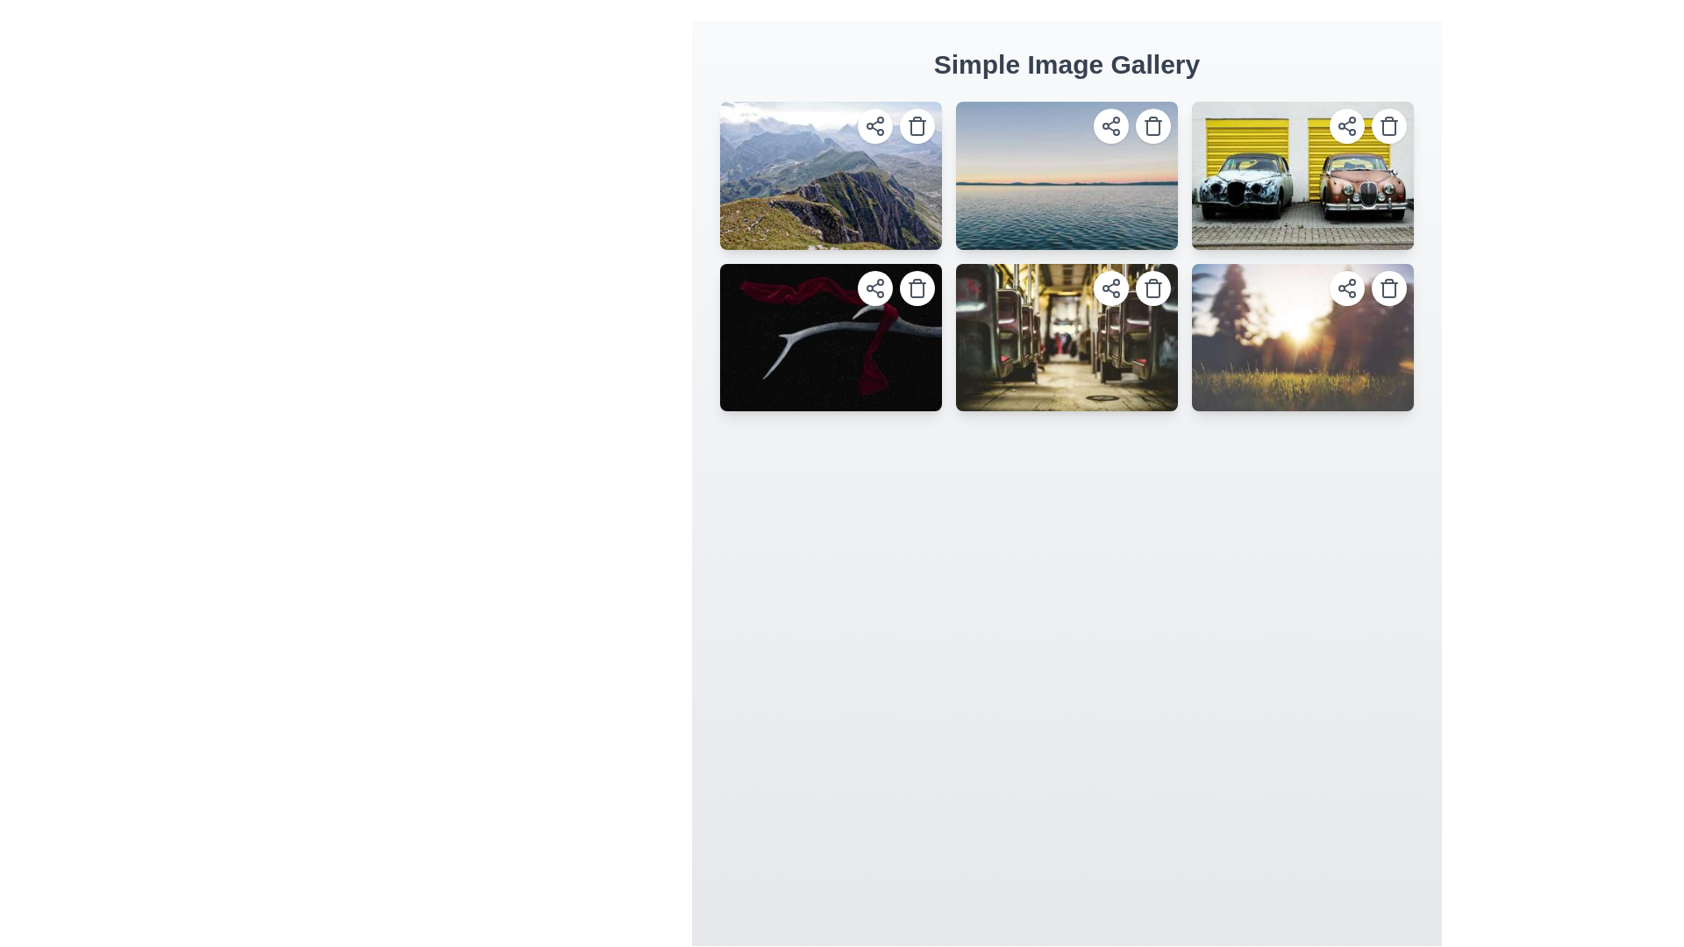  What do you see at coordinates (896, 125) in the screenshot?
I see `the delete button in the interactive button group located at the top right corner of the first image in the gallery grid layout` at bounding box center [896, 125].